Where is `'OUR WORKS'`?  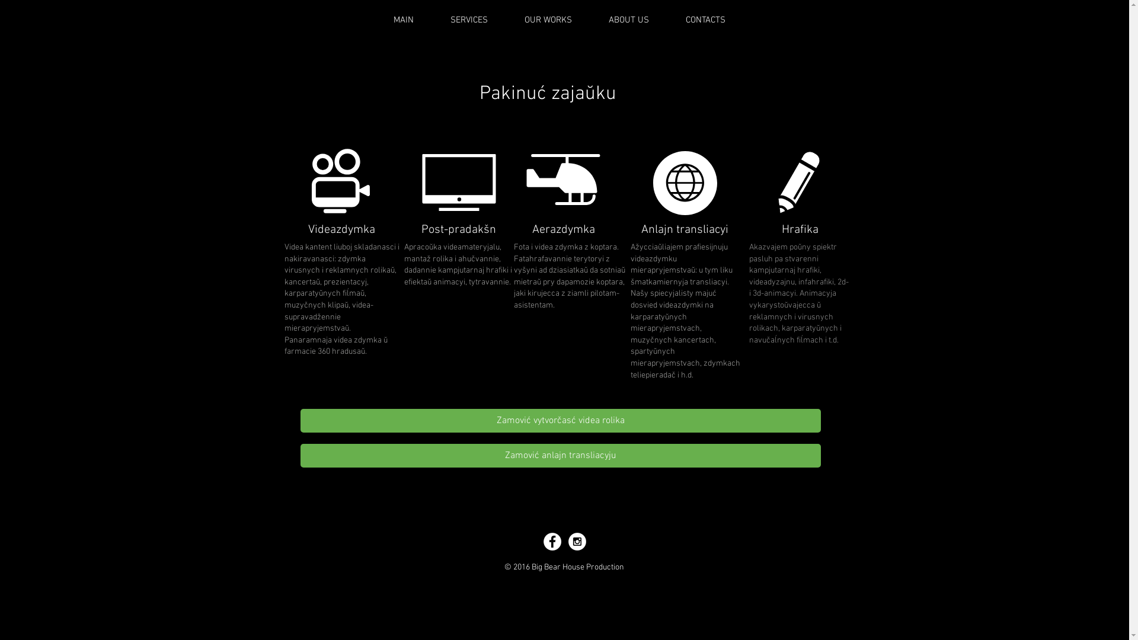 'OUR WORKS' is located at coordinates (548, 20).